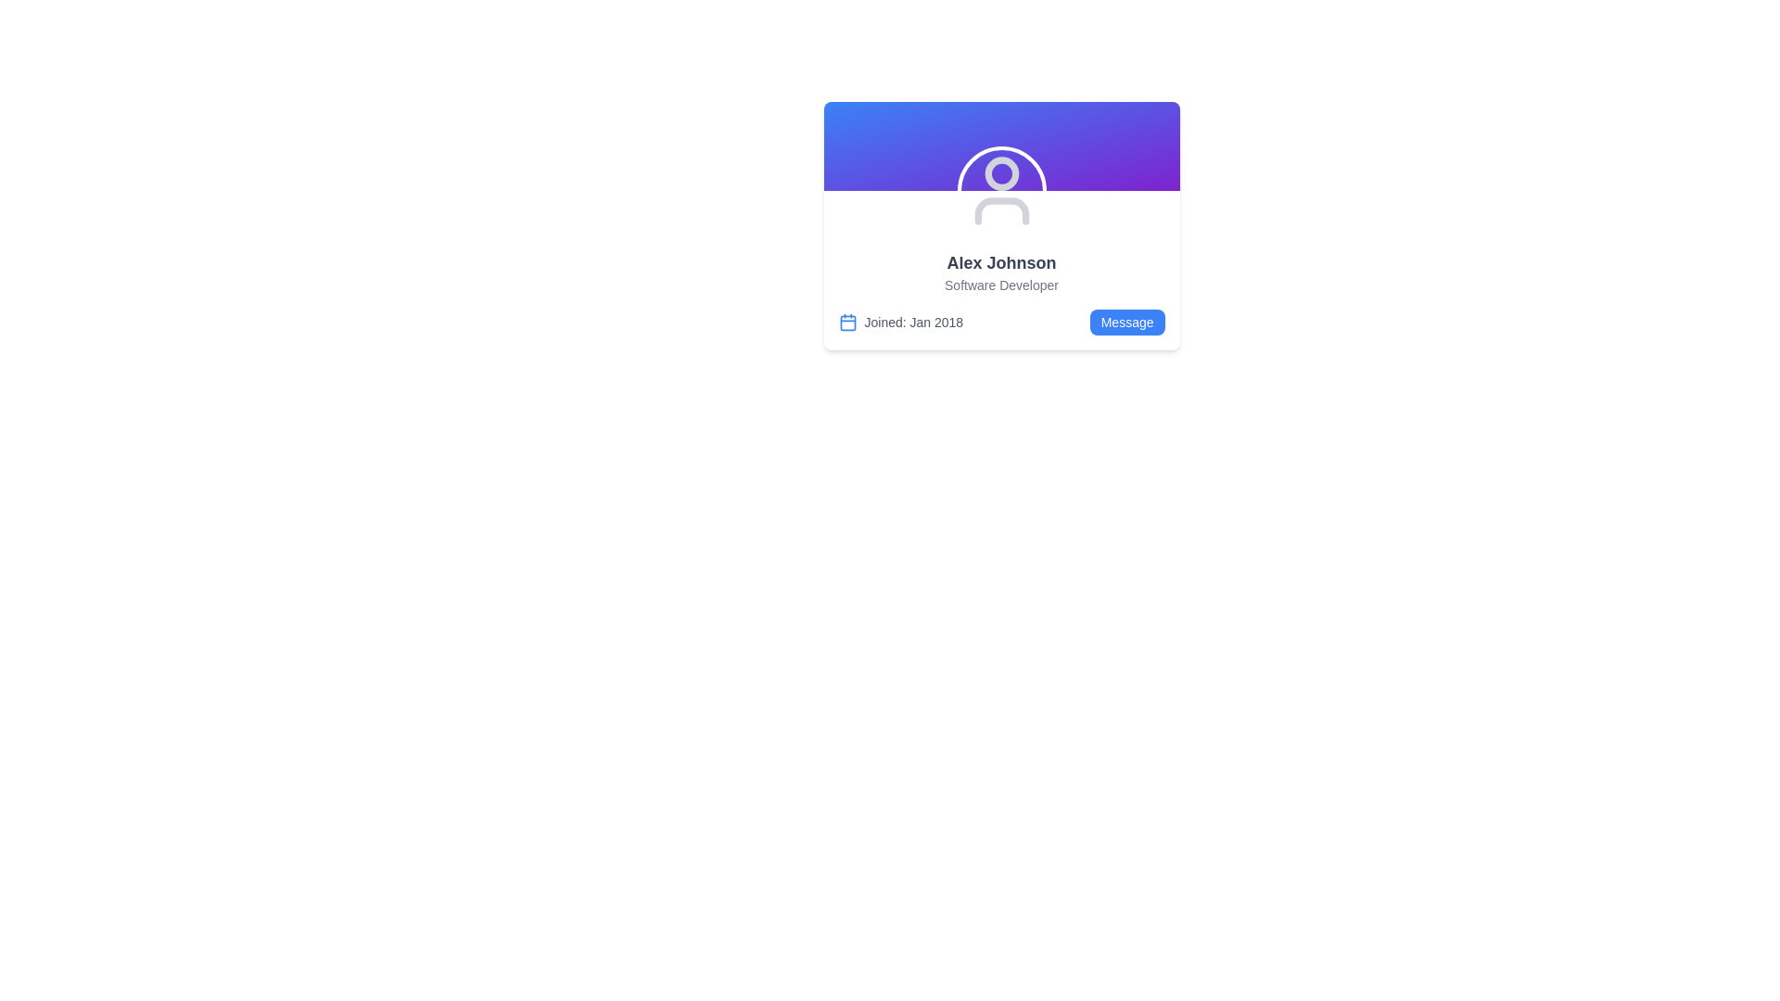 Image resolution: width=1780 pixels, height=1001 pixels. What do you see at coordinates (1126, 321) in the screenshot?
I see `the blue 'Message' button with white text to send a message` at bounding box center [1126, 321].